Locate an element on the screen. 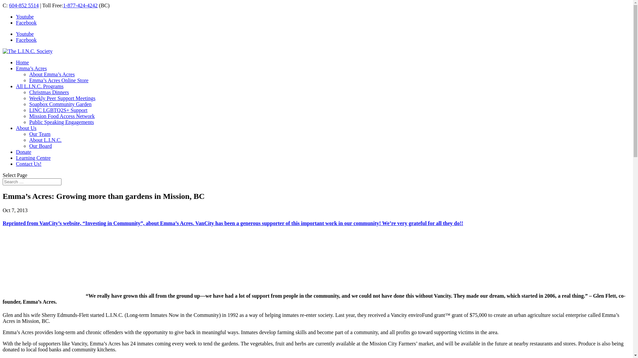 This screenshot has height=358, width=638. 'Search for:' is located at coordinates (32, 182).